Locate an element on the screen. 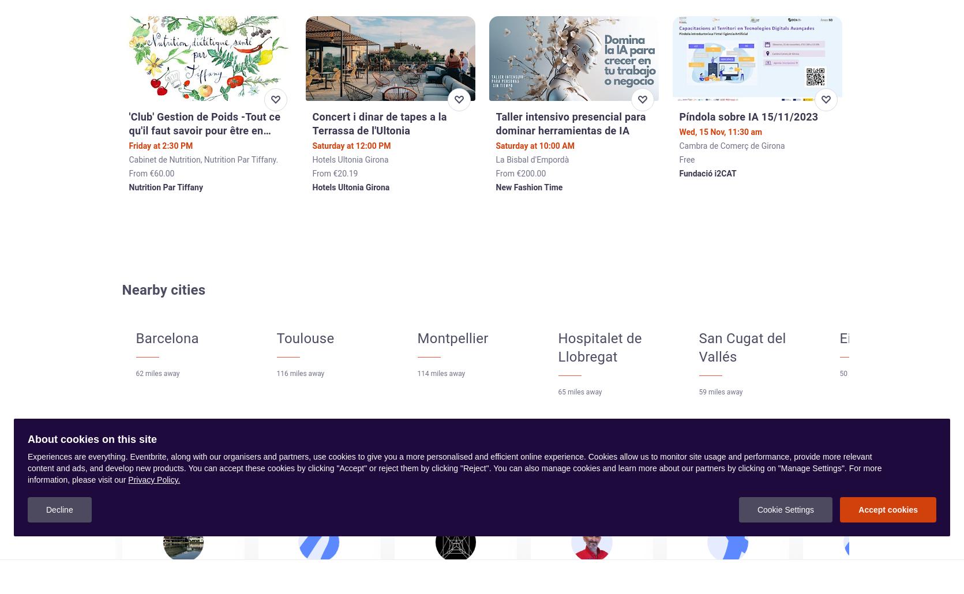 The image size is (964, 594). ''Club' Gestion de Poids -Tout ce qu'il faut savoir pour être en bonne forme' is located at coordinates (129, 130).